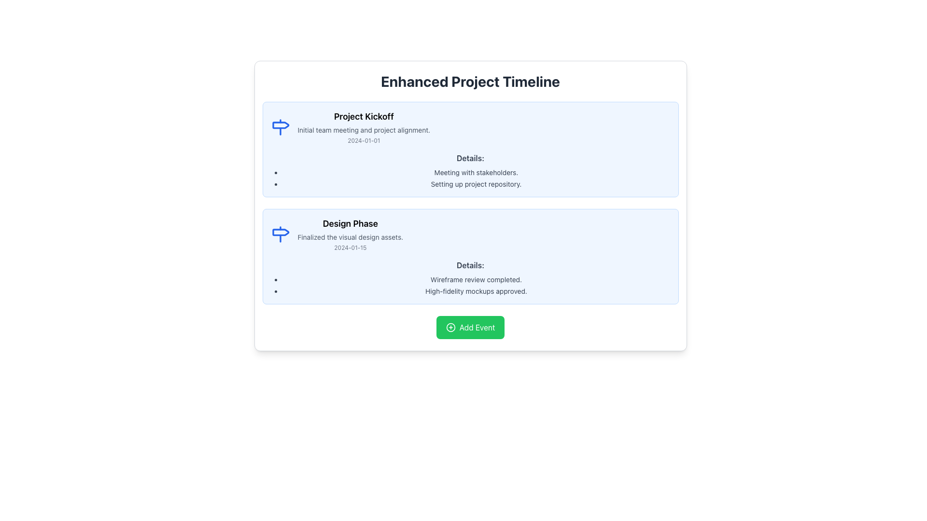 The height and width of the screenshot is (521, 927). I want to click on bulleted list located in the 'Details' section under the 'Project Kickoff' heading, which is styled with a gray font color and smaller text size, so click(470, 178).